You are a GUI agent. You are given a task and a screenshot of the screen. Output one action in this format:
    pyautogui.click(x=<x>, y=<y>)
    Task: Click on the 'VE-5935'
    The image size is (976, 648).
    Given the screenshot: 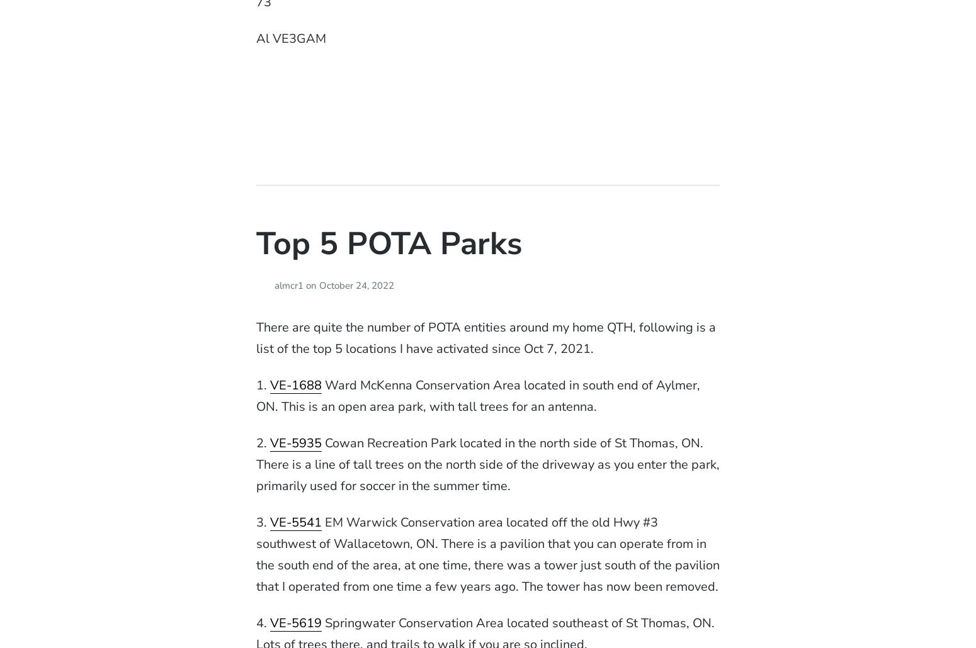 What is the action you would take?
    pyautogui.click(x=295, y=443)
    